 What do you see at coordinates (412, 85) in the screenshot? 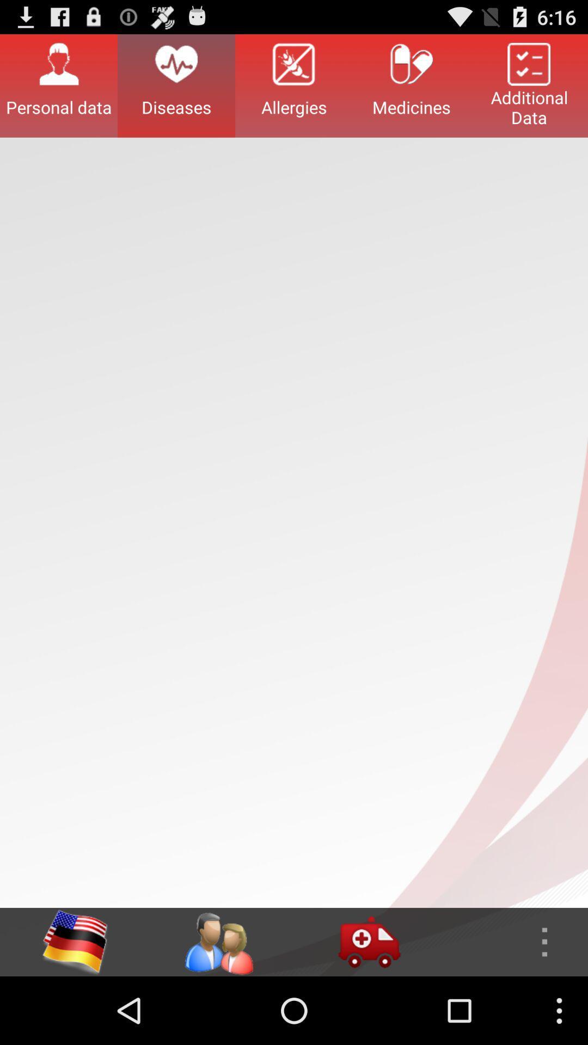
I see `medicines button` at bounding box center [412, 85].